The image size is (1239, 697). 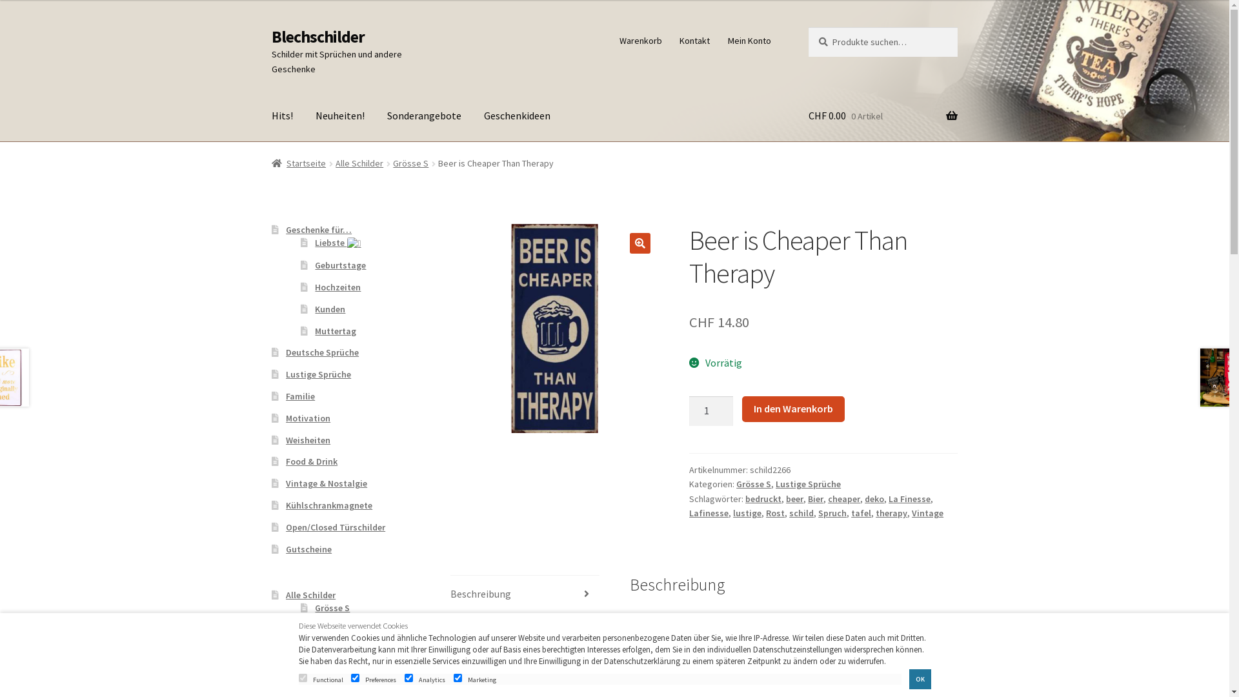 I want to click on 'Zur Navigation springen', so click(x=270, y=26).